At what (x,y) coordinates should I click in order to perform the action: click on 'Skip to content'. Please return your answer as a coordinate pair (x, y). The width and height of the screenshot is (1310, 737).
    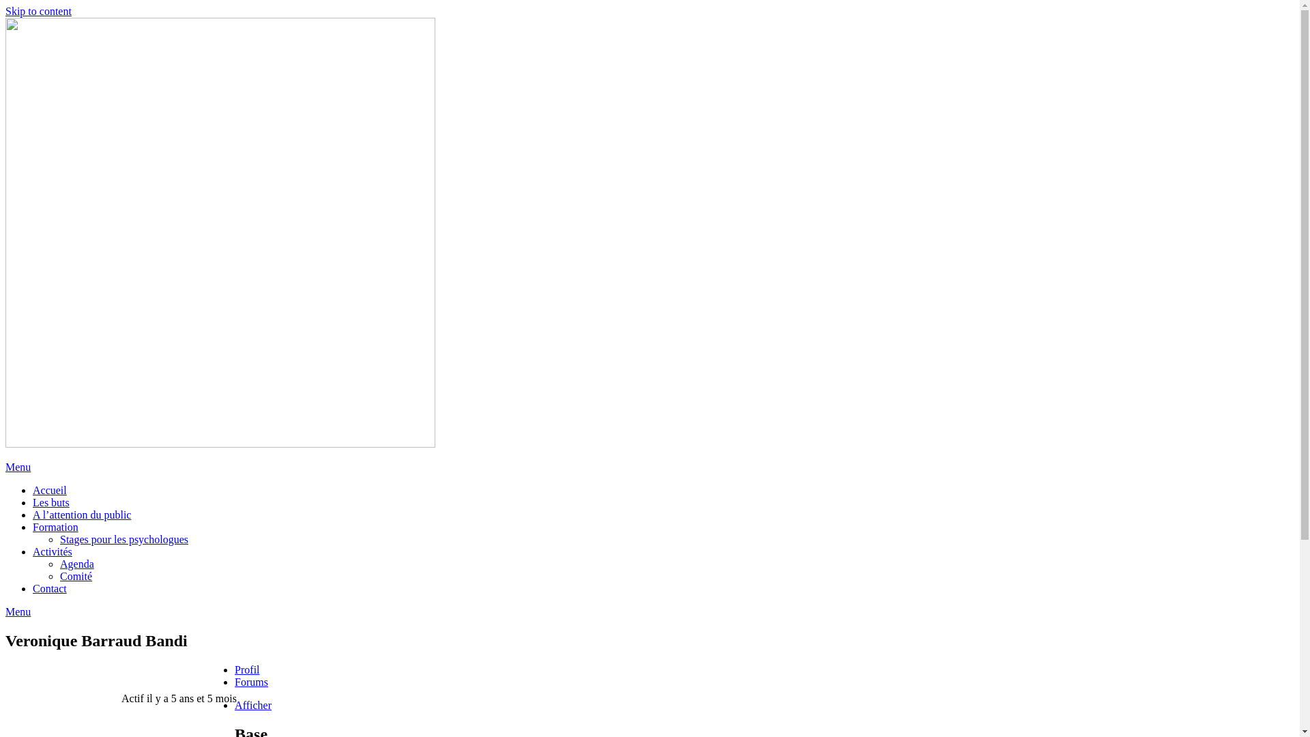
    Looking at the image, I should click on (38, 11).